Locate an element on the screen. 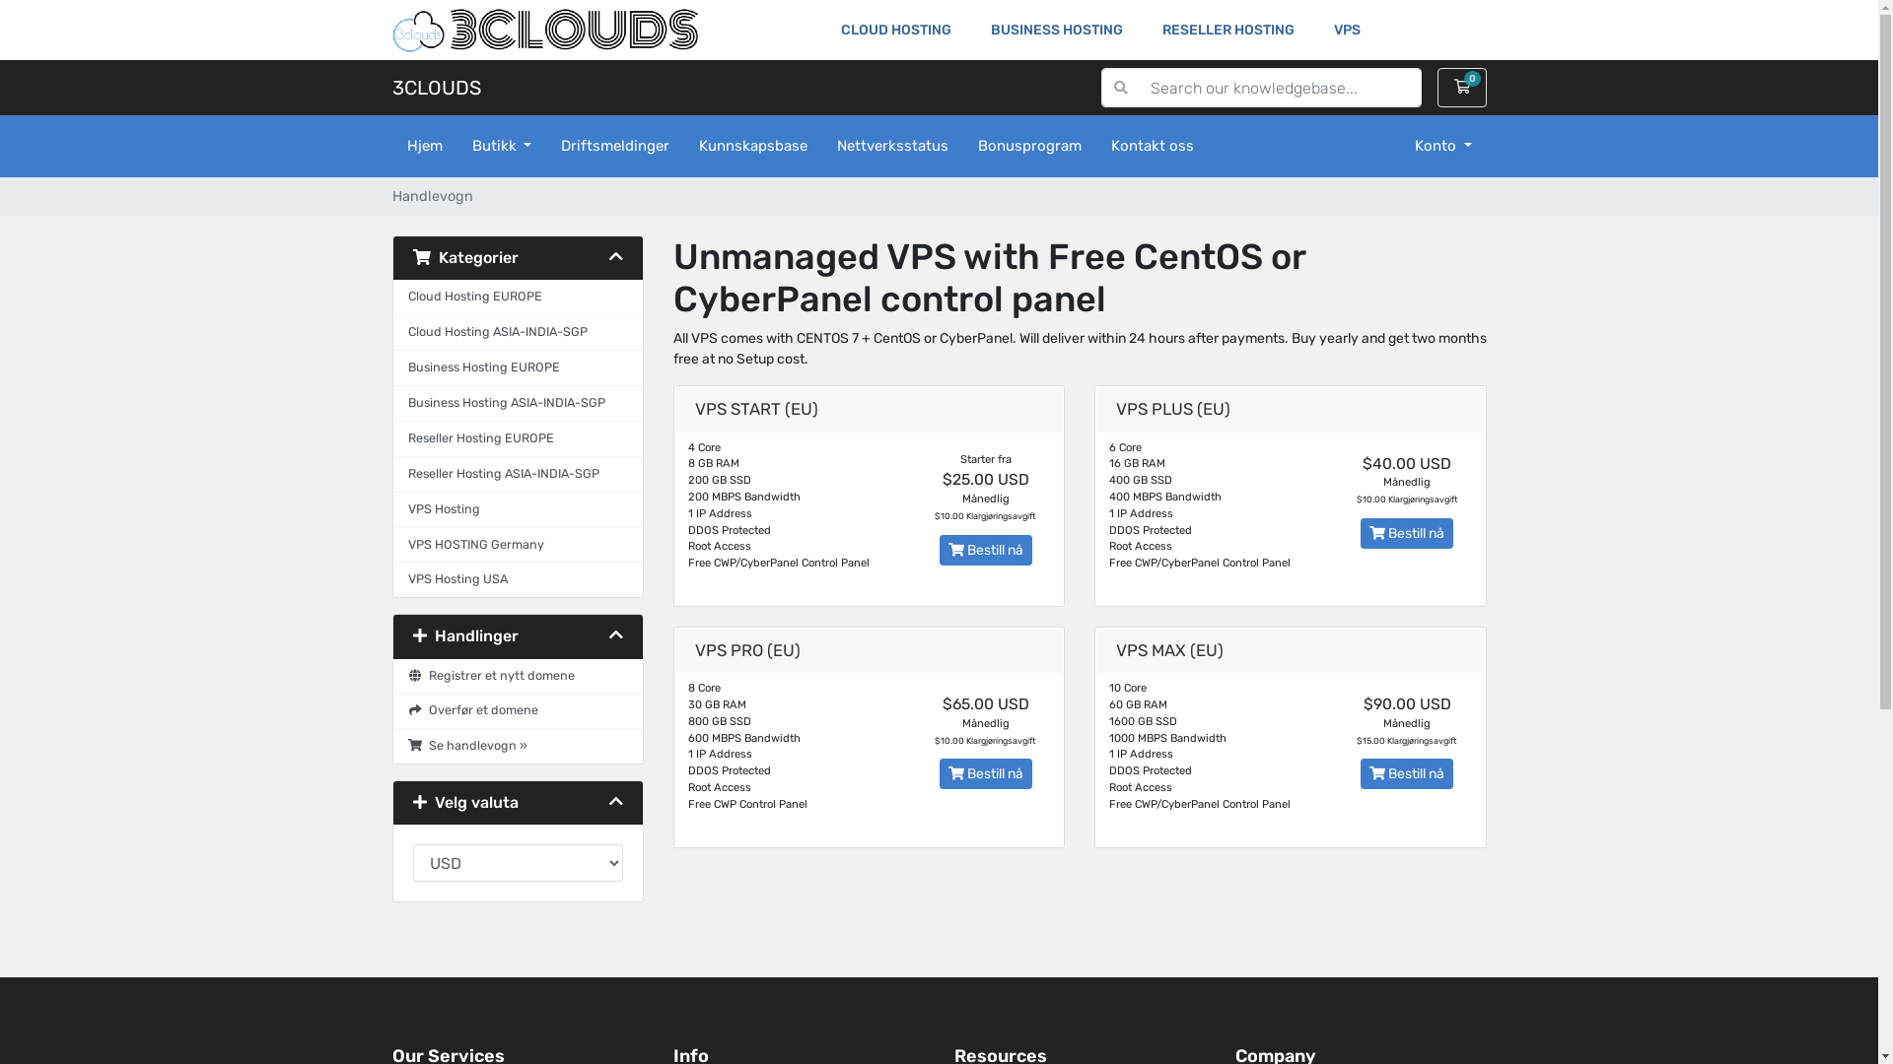 This screenshot has height=1064, width=1893. '3CLOUDS' is located at coordinates (435, 86).